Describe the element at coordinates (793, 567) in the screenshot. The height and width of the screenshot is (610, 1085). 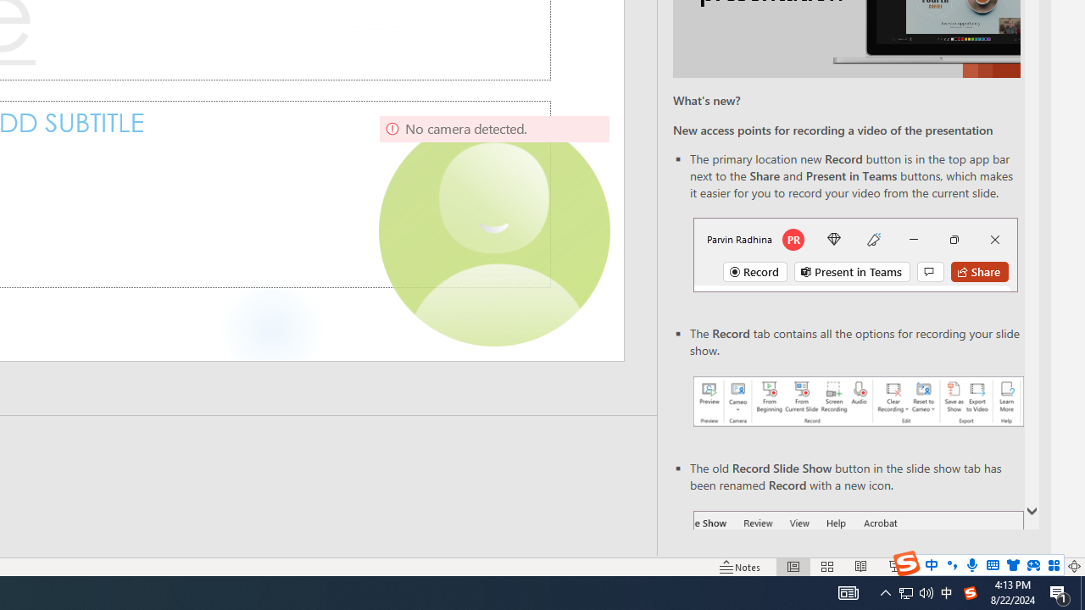
I see `'Normal'` at that location.